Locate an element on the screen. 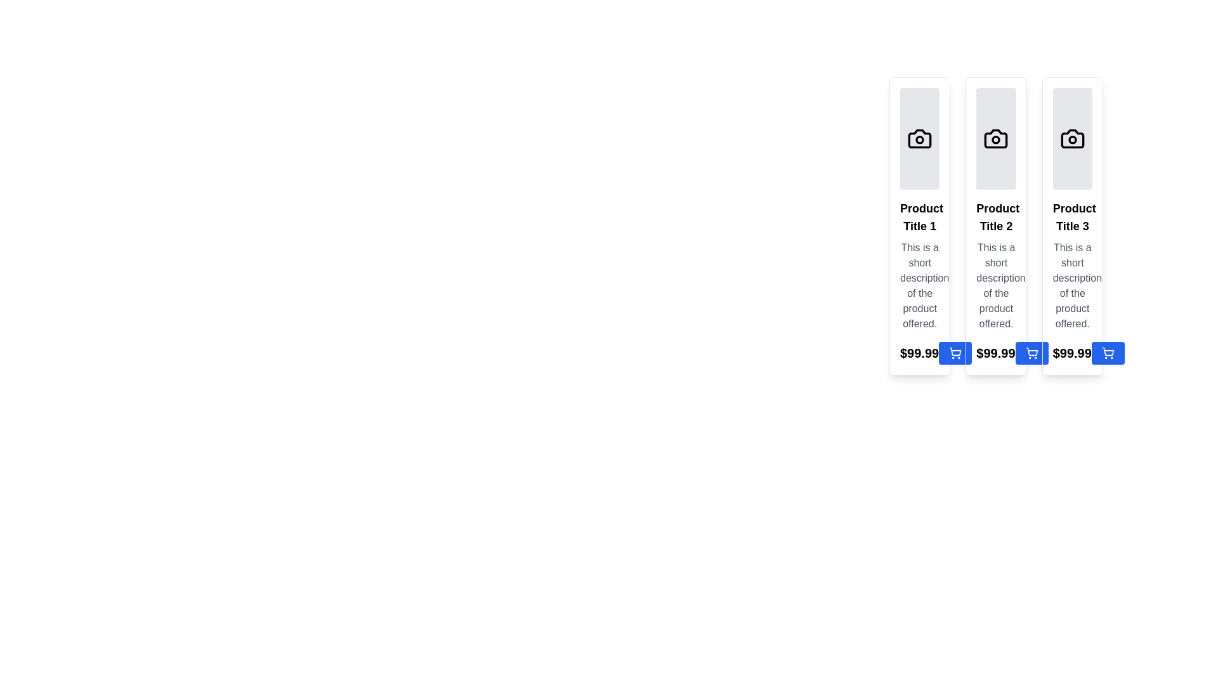 Image resolution: width=1218 pixels, height=685 pixels. the icon inside the blue-colored rounded rectangle button, which is the rightmost button in a set of three buttons at the bottom of 'Product Title 3' is located at coordinates (1107, 353).